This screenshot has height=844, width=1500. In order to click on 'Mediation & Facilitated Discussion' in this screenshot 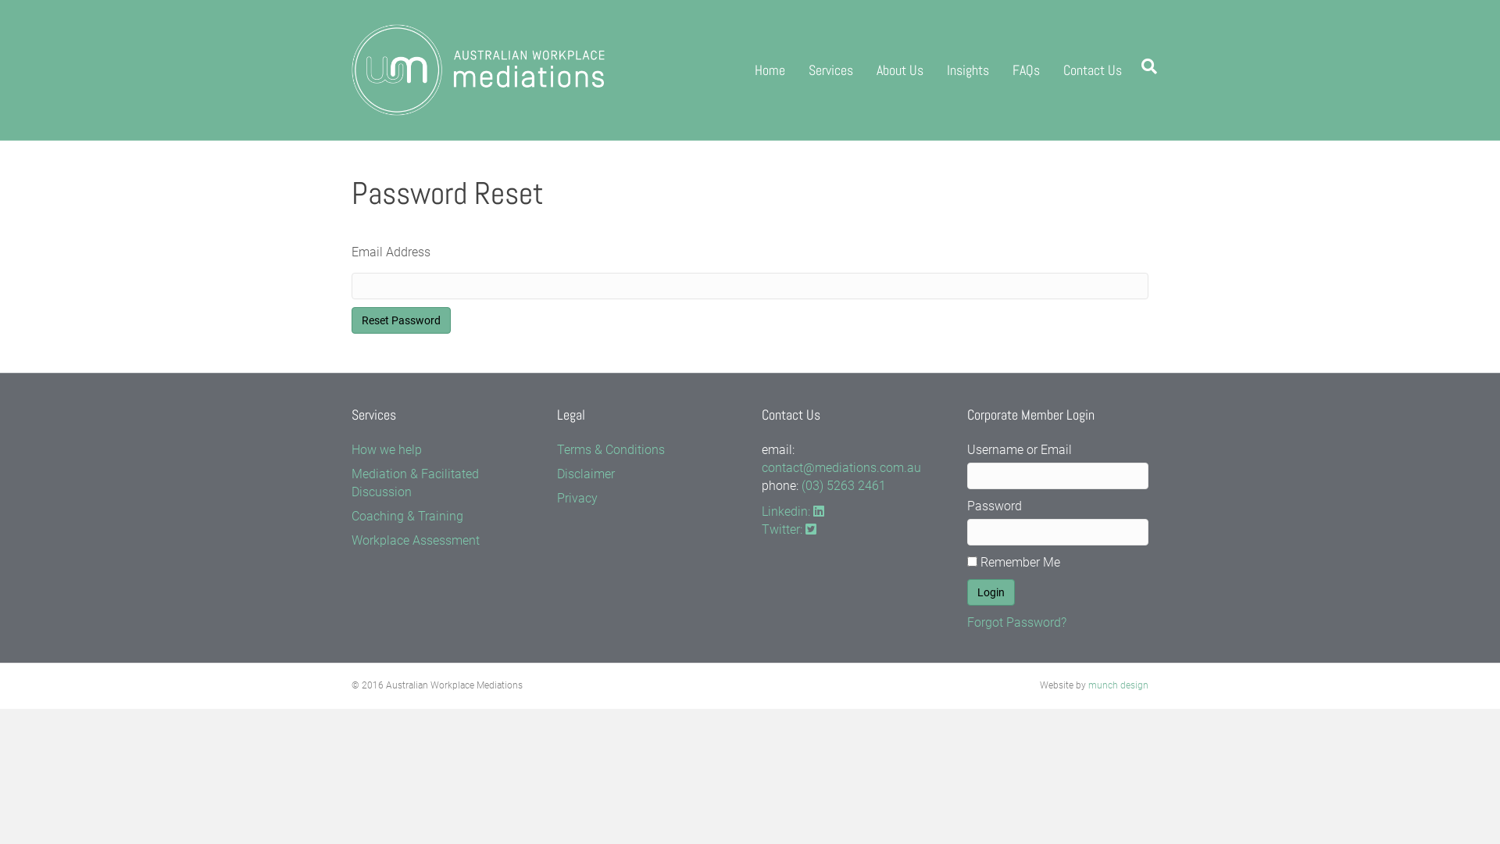, I will do `click(415, 481)`.